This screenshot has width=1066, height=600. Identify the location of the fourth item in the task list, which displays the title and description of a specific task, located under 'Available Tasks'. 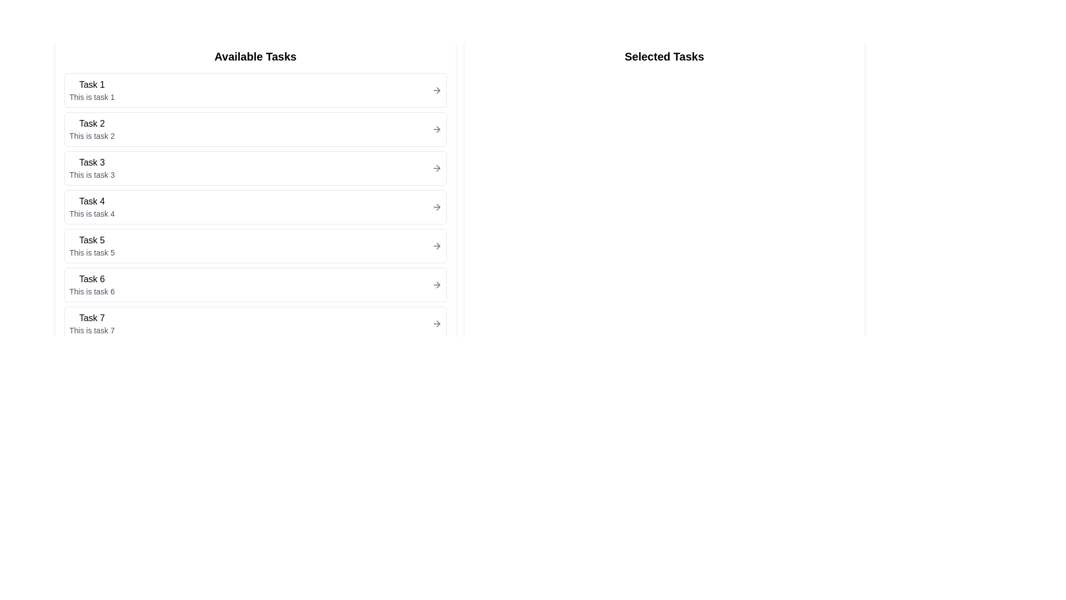
(92, 207).